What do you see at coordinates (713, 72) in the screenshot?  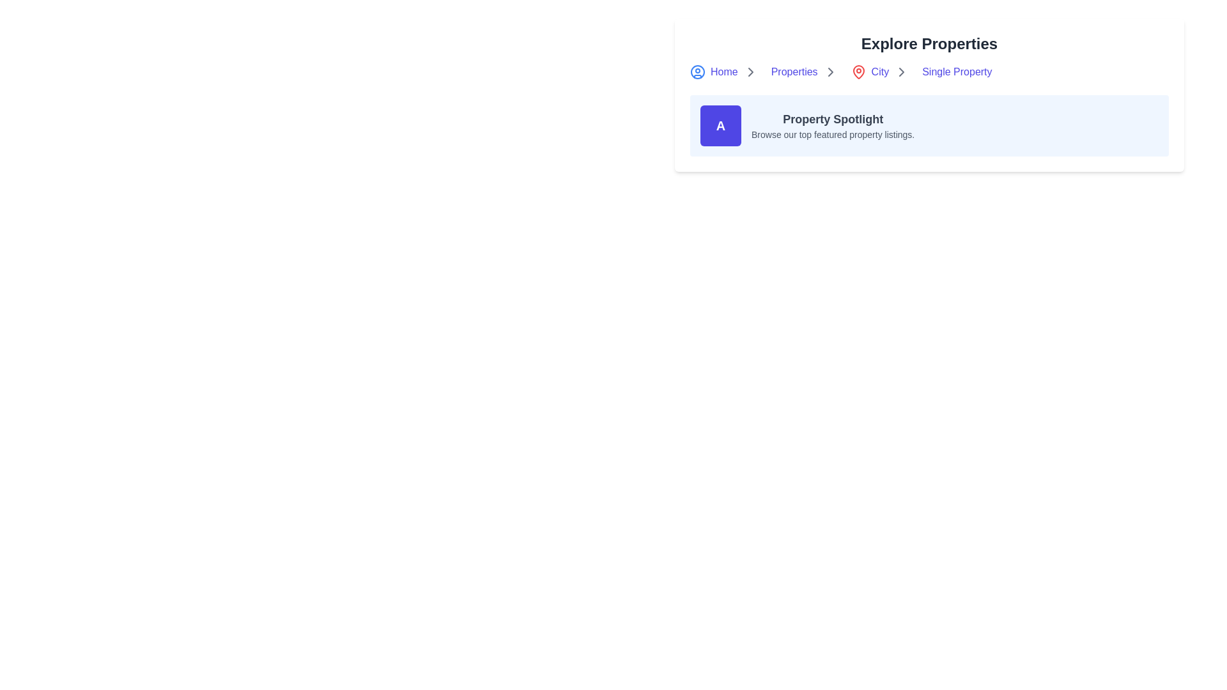 I see `the 'Home' hyperlink element in the breadcrumb navigation` at bounding box center [713, 72].